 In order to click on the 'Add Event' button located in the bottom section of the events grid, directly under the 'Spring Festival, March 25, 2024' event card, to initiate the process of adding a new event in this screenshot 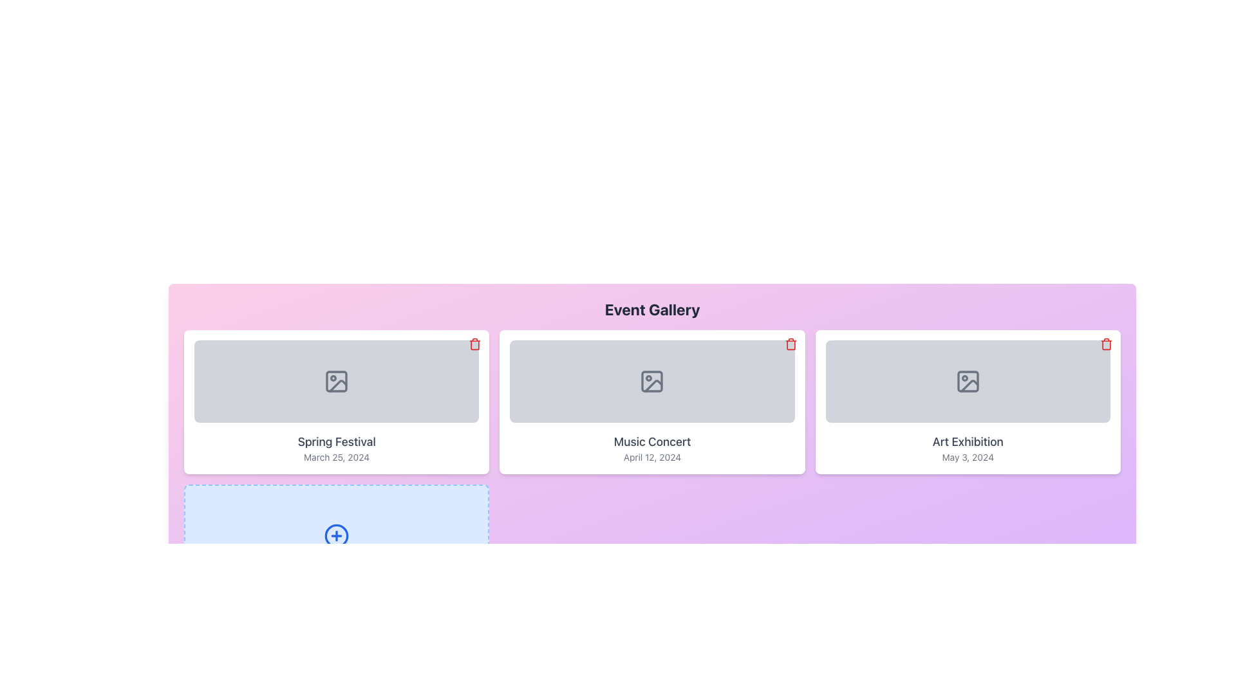, I will do `click(337, 546)`.